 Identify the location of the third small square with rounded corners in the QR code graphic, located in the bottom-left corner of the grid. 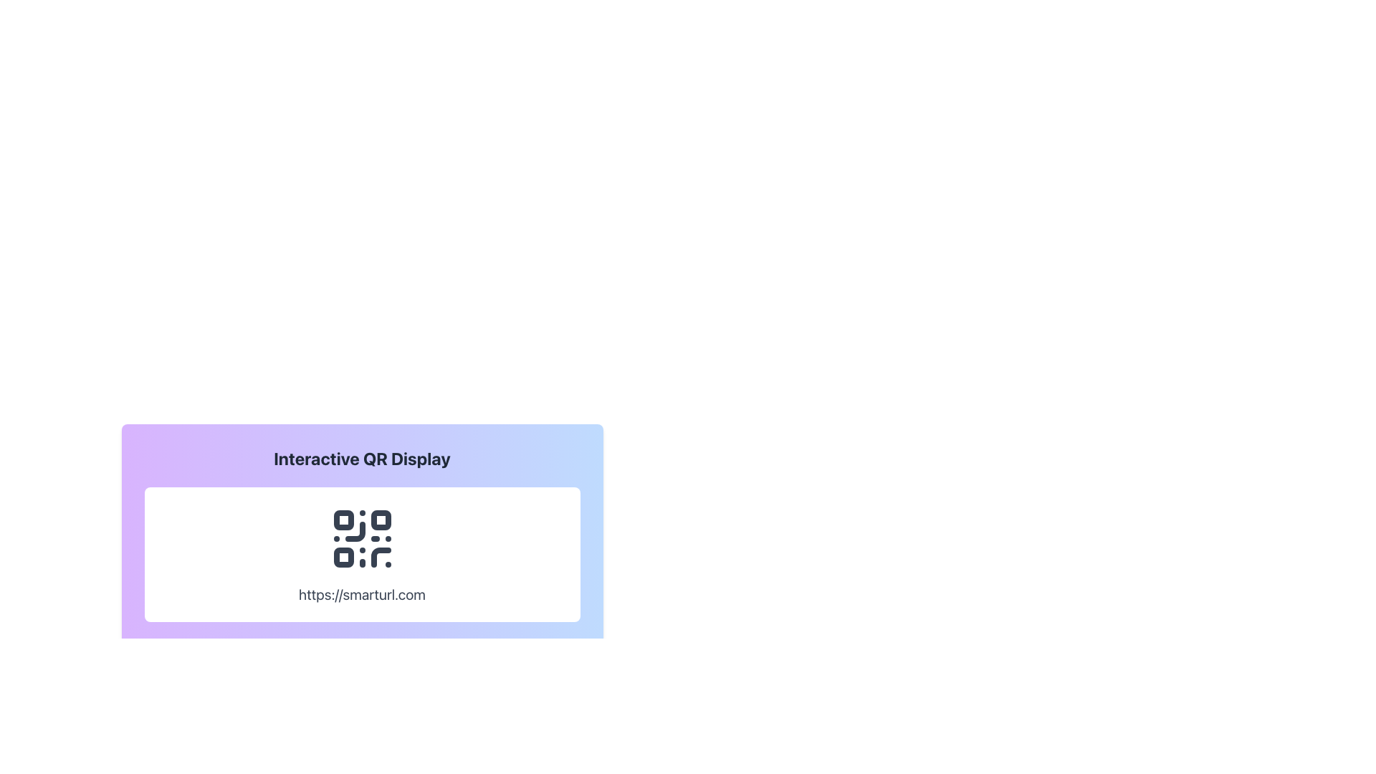
(343, 557).